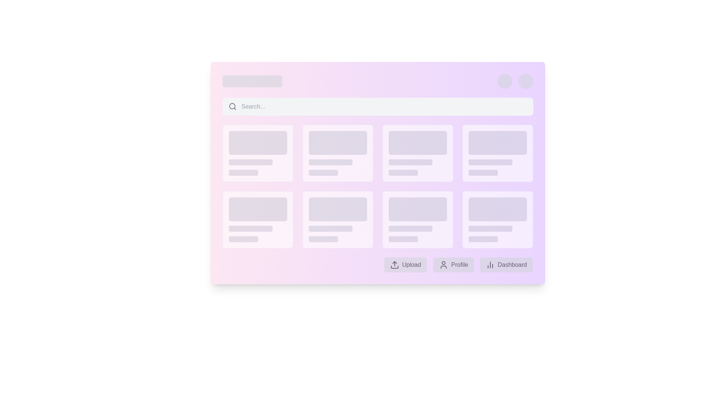 Image resolution: width=717 pixels, height=403 pixels. What do you see at coordinates (490, 162) in the screenshot?
I see `the visual representation of the Placeholder bar, which is a horizontal bar with rounded edges, light gray in color, centrally aligned and located below a larger rounded rectangle` at bounding box center [490, 162].